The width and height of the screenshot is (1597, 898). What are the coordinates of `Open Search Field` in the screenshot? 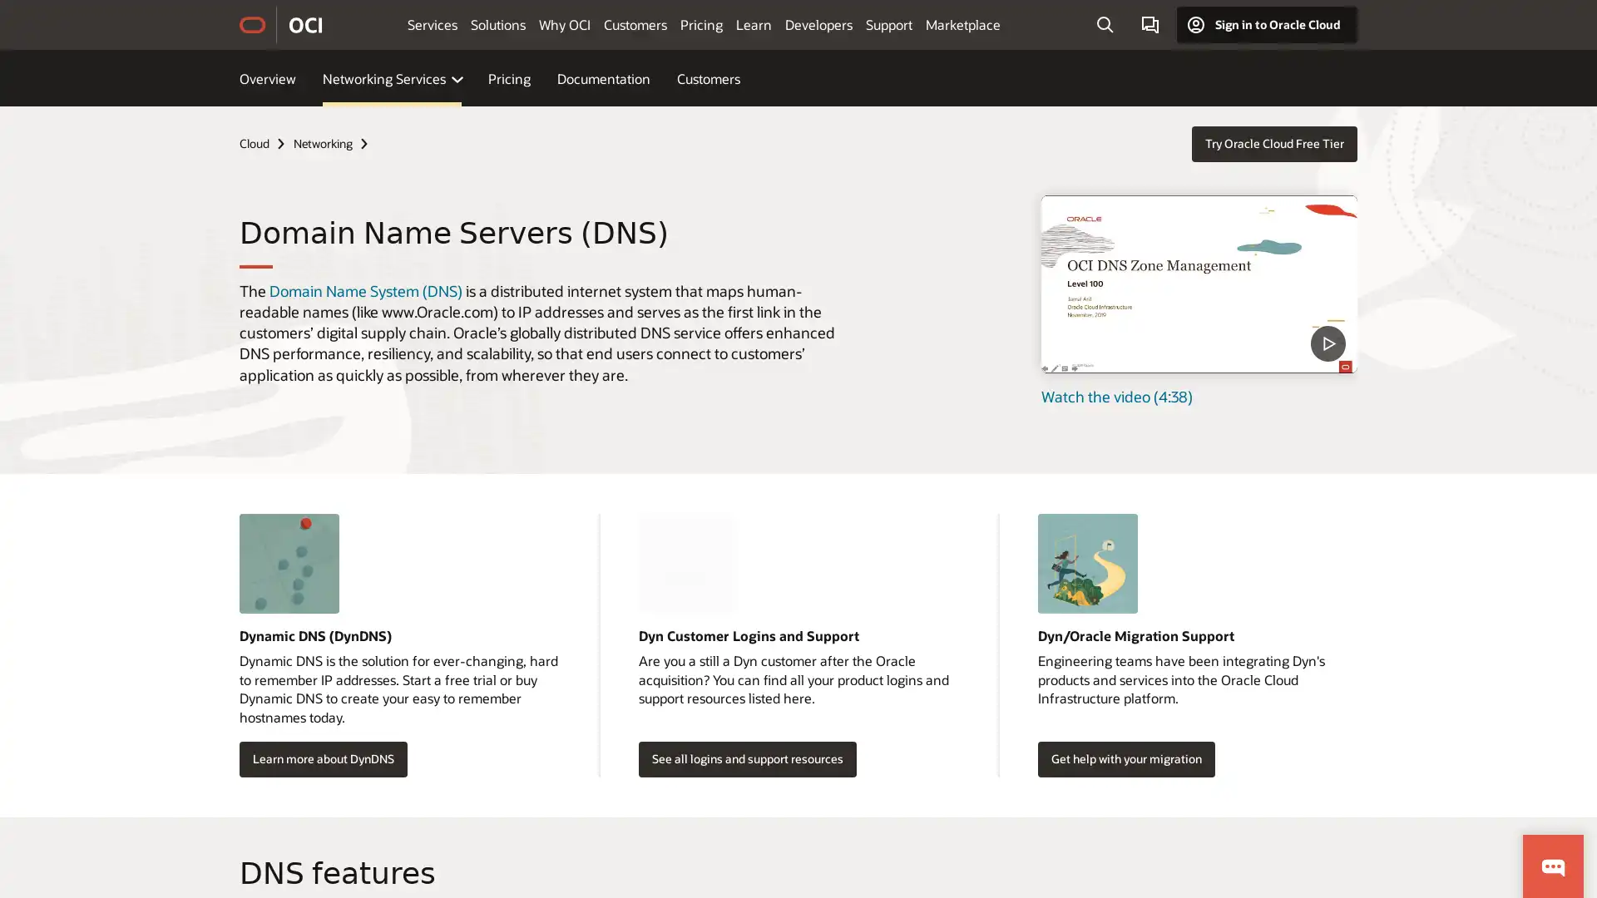 It's located at (1105, 25).